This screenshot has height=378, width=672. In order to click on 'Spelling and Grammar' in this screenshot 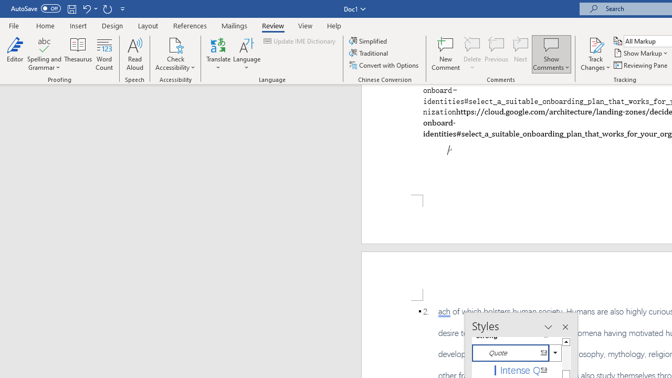, I will do `click(44, 54)`.